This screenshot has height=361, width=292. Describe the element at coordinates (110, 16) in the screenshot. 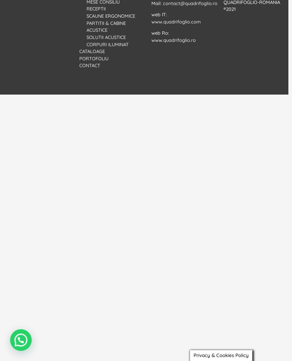

I see `'SCAUNE ERGONOMICE'` at that location.